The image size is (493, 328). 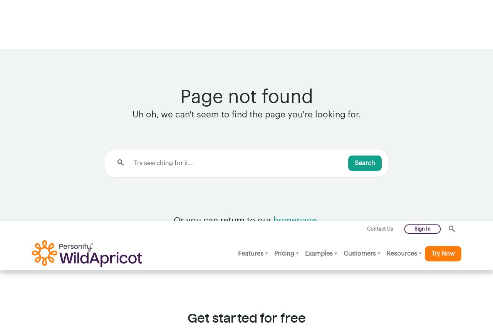 I want to click on 'Organizational Management', so click(x=140, y=299).